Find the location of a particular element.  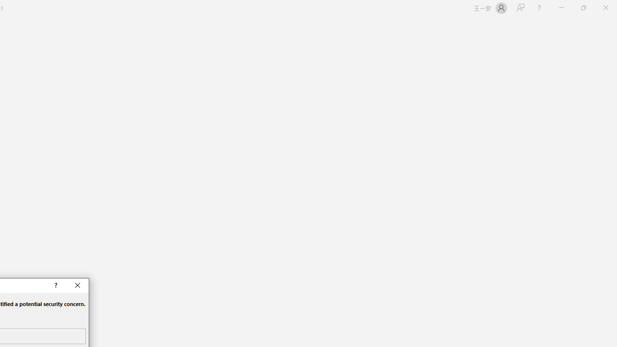

'Minimize' is located at coordinates (561, 8).